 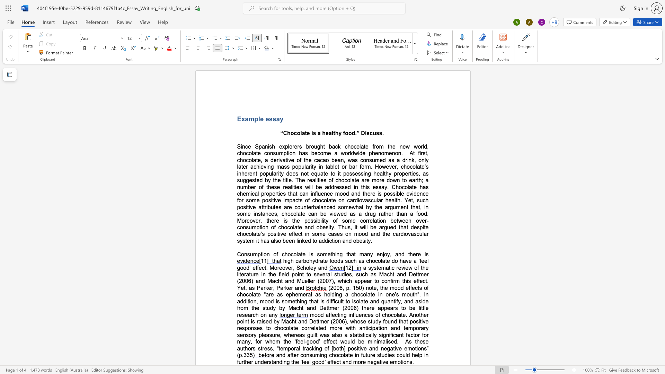 I want to click on the space between the continuous character "a" and "n" in the text, so click(x=321, y=267).